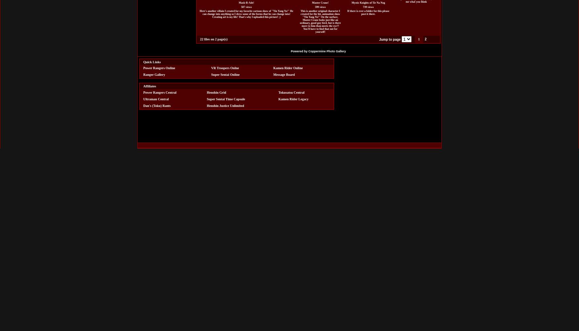  Describe the element at coordinates (246, 14) in the screenshot. I see `'Here's another villain I created for my favorite cartoon show of "Yin Yang Yo!" He can change into anything so I drew some of the forms that he can change into! Creating art is my life! That's why I uploaded this picture! ;)'` at that location.